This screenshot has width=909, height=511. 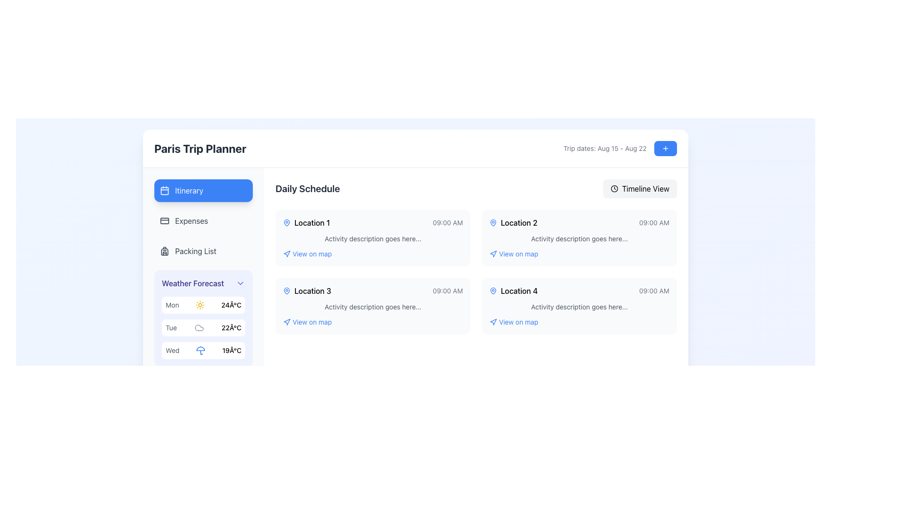 I want to click on the text label displaying 'Location 2' in the 'Daily Schedule' section, located in the top-right portion of the schedule grid, adjacent to a blue pin icon, so click(x=518, y=222).